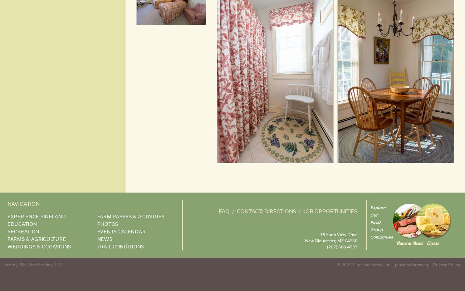  Describe the element at coordinates (36, 238) in the screenshot. I see `'Farms & Agriculture'` at that location.